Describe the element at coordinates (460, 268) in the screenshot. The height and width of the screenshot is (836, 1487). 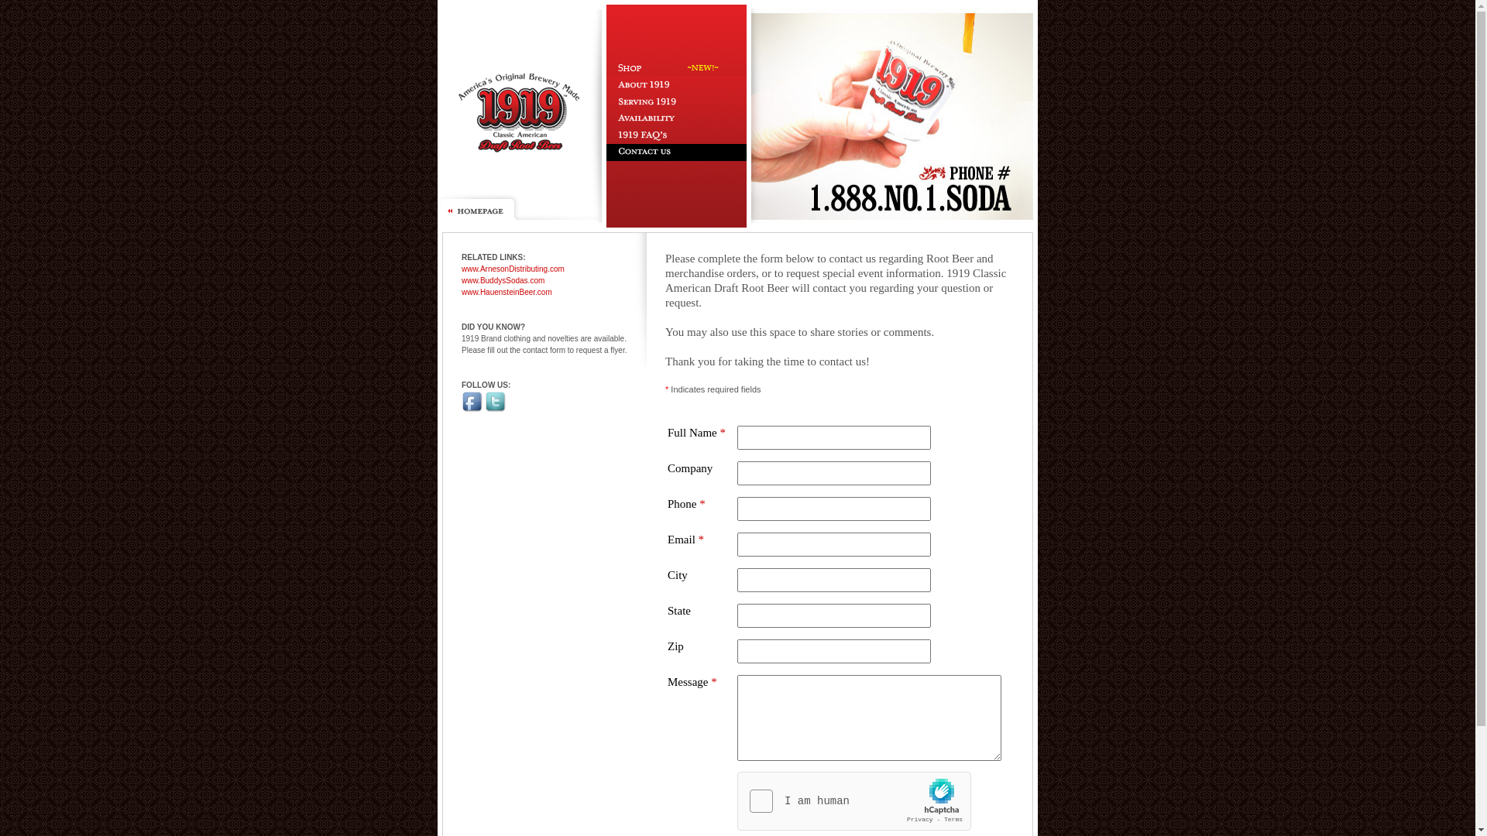
I see `'www.ArnesonDistributing.com'` at that location.